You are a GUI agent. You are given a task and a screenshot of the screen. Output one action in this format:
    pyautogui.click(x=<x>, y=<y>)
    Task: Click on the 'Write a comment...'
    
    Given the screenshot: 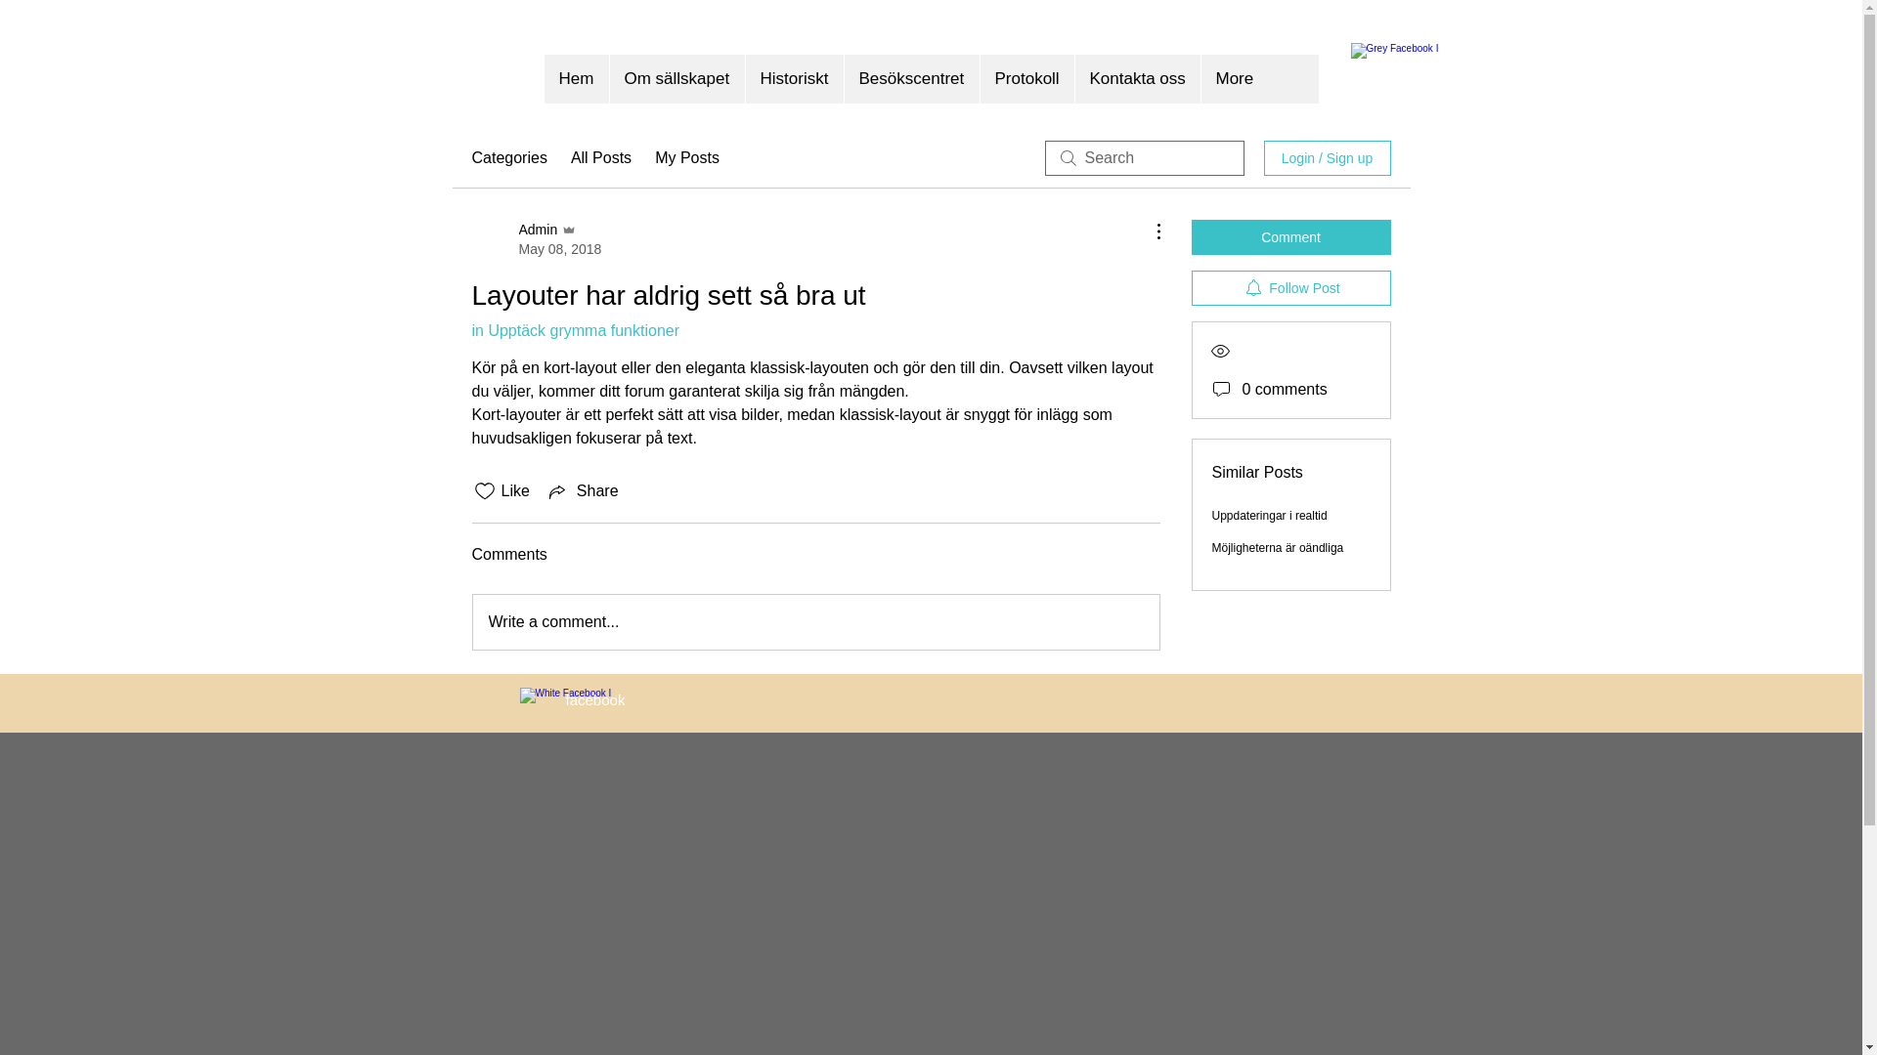 What is the action you would take?
    pyautogui.click(x=816, y=621)
    